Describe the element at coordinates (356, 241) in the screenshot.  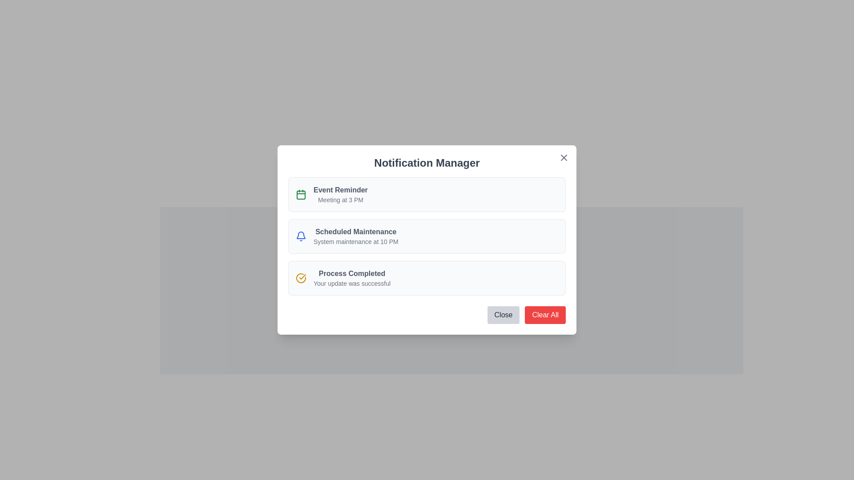
I see `the text label providing details for the 'Scheduled Maintenance' notification, which is located below the main heading within the Notification Manager panel` at that location.